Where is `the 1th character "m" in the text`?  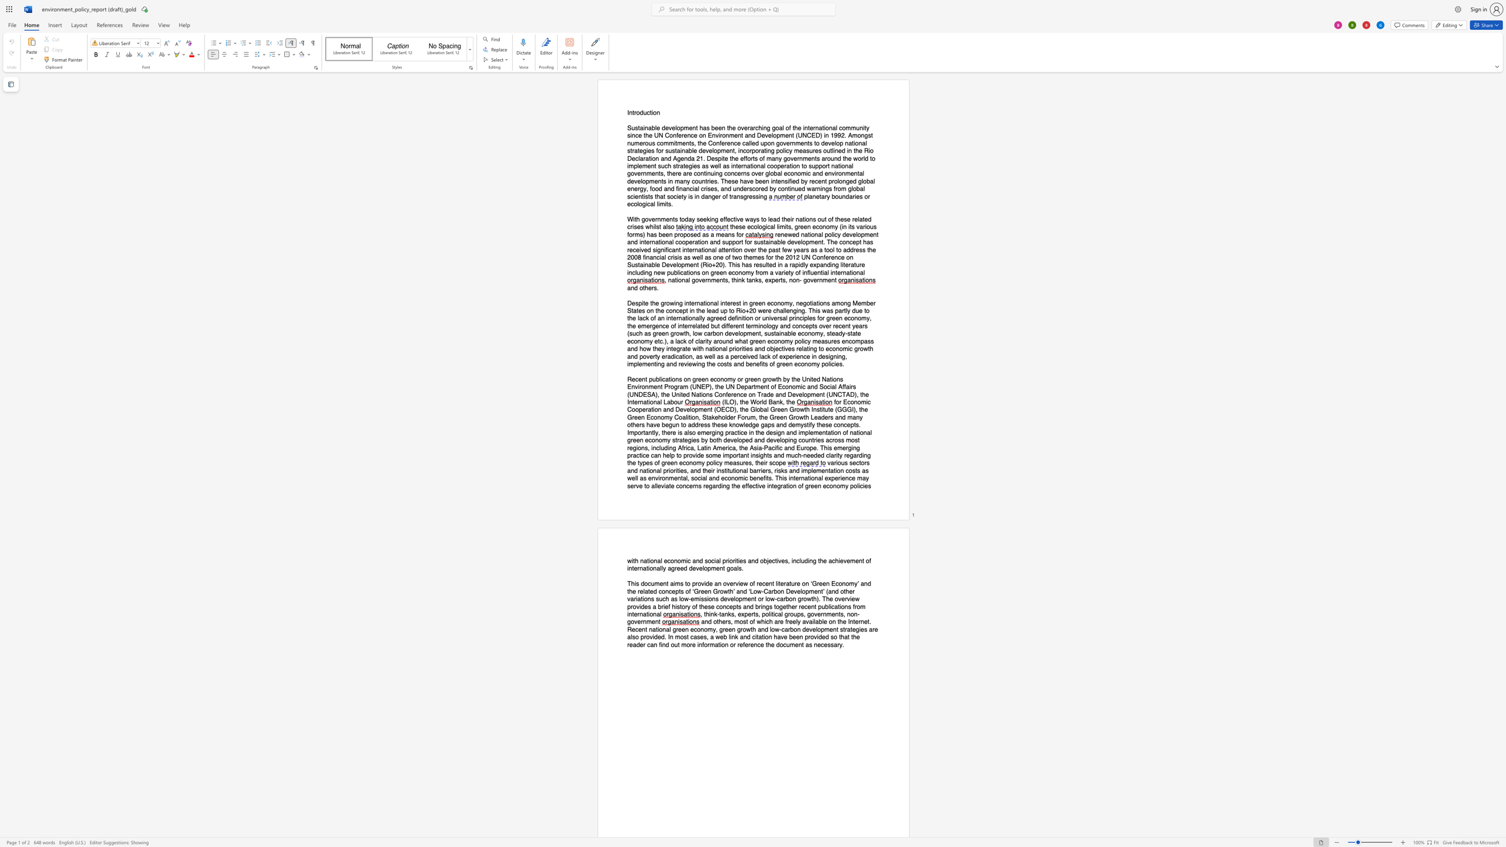 the 1th character "m" in the text is located at coordinates (683, 561).